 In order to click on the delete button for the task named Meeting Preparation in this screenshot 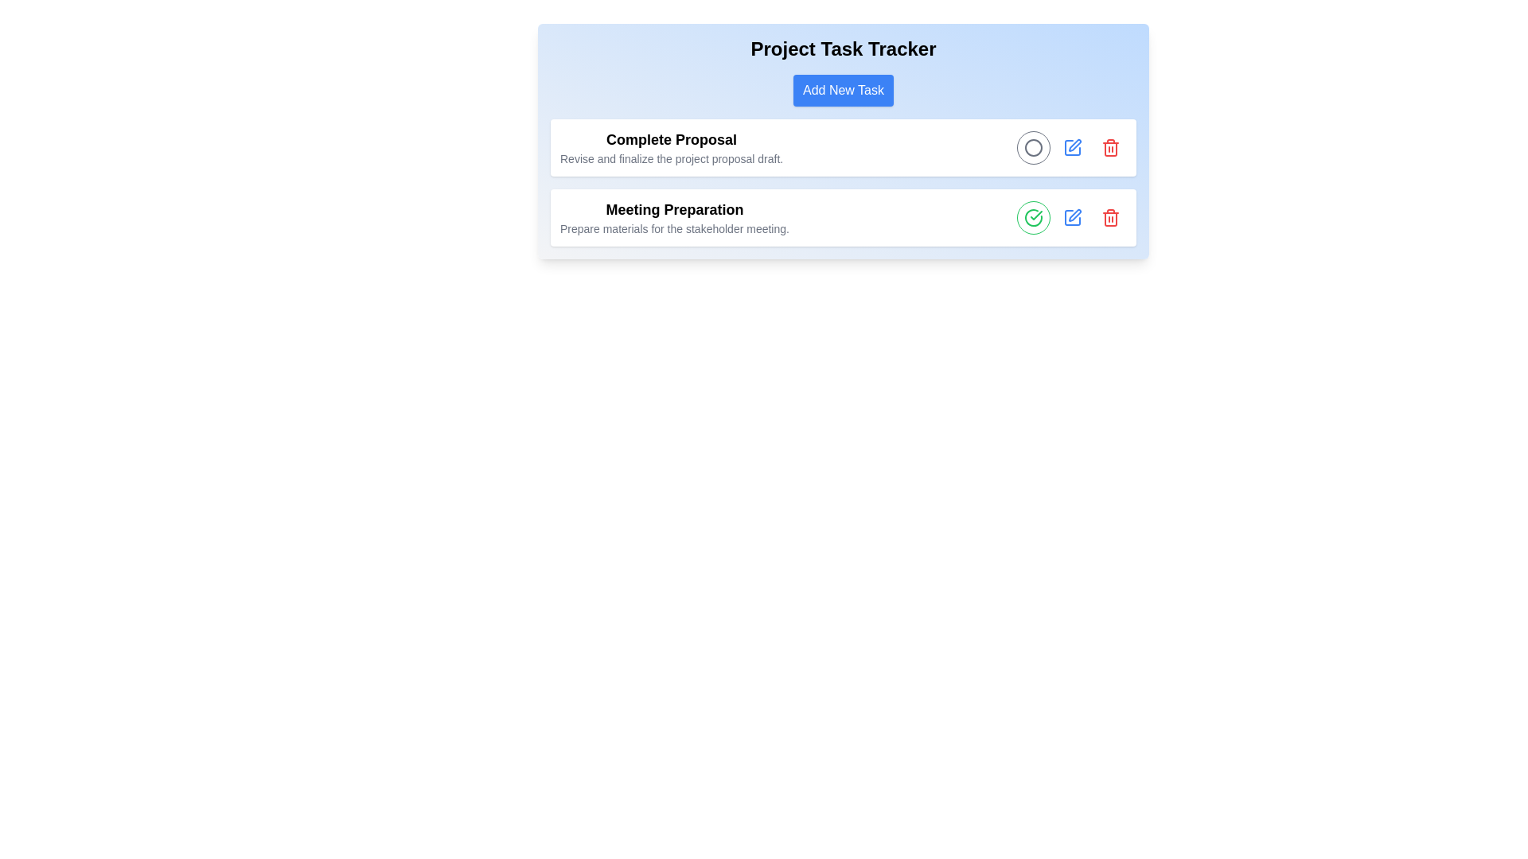, I will do `click(1110, 217)`.